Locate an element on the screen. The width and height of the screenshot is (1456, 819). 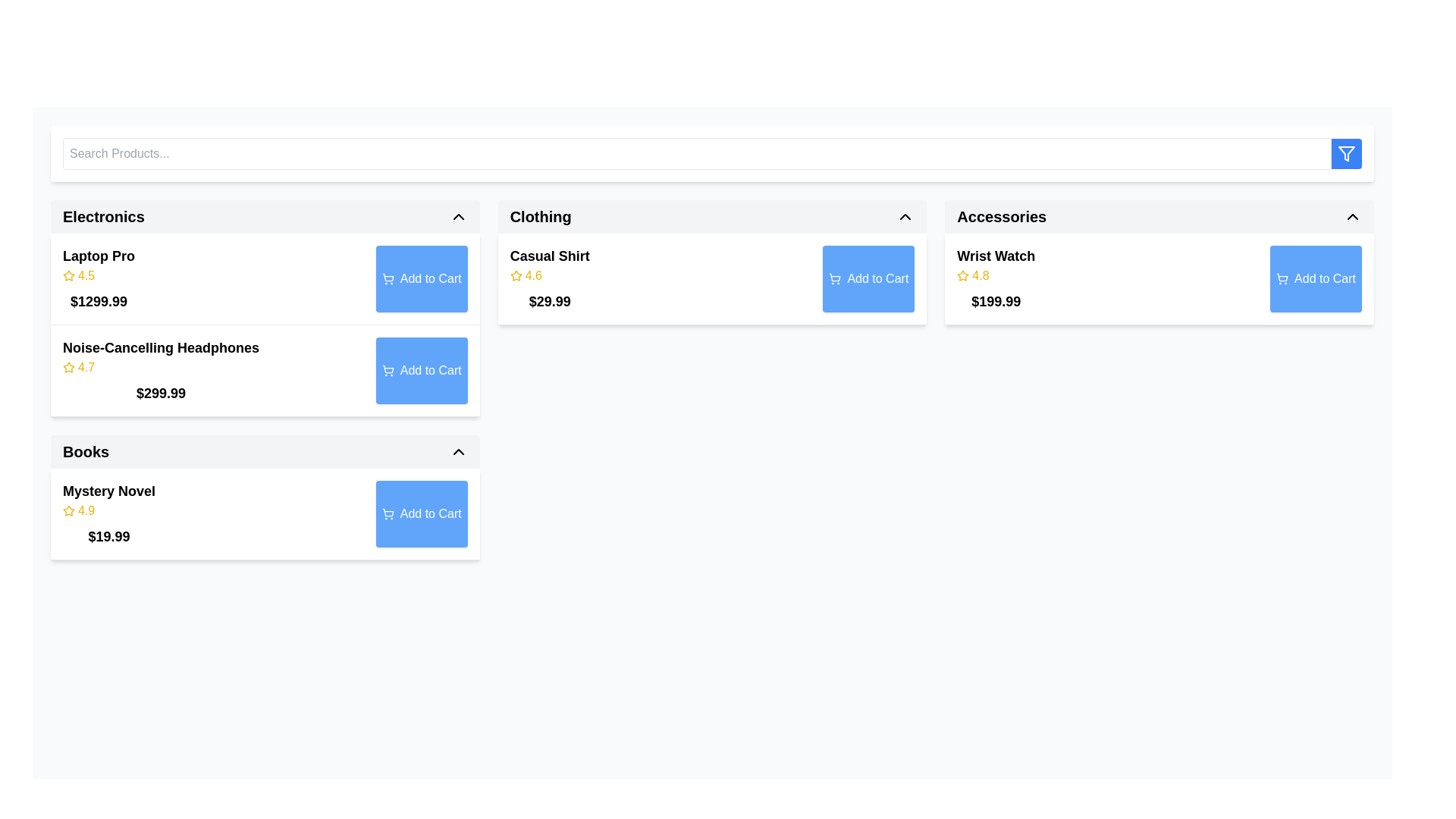
the button containing the 'Add to Cart' text label, which is styled with white text on a blue background and located under the 'Laptop Pro' listing in the 'Electronics' section is located at coordinates (430, 278).